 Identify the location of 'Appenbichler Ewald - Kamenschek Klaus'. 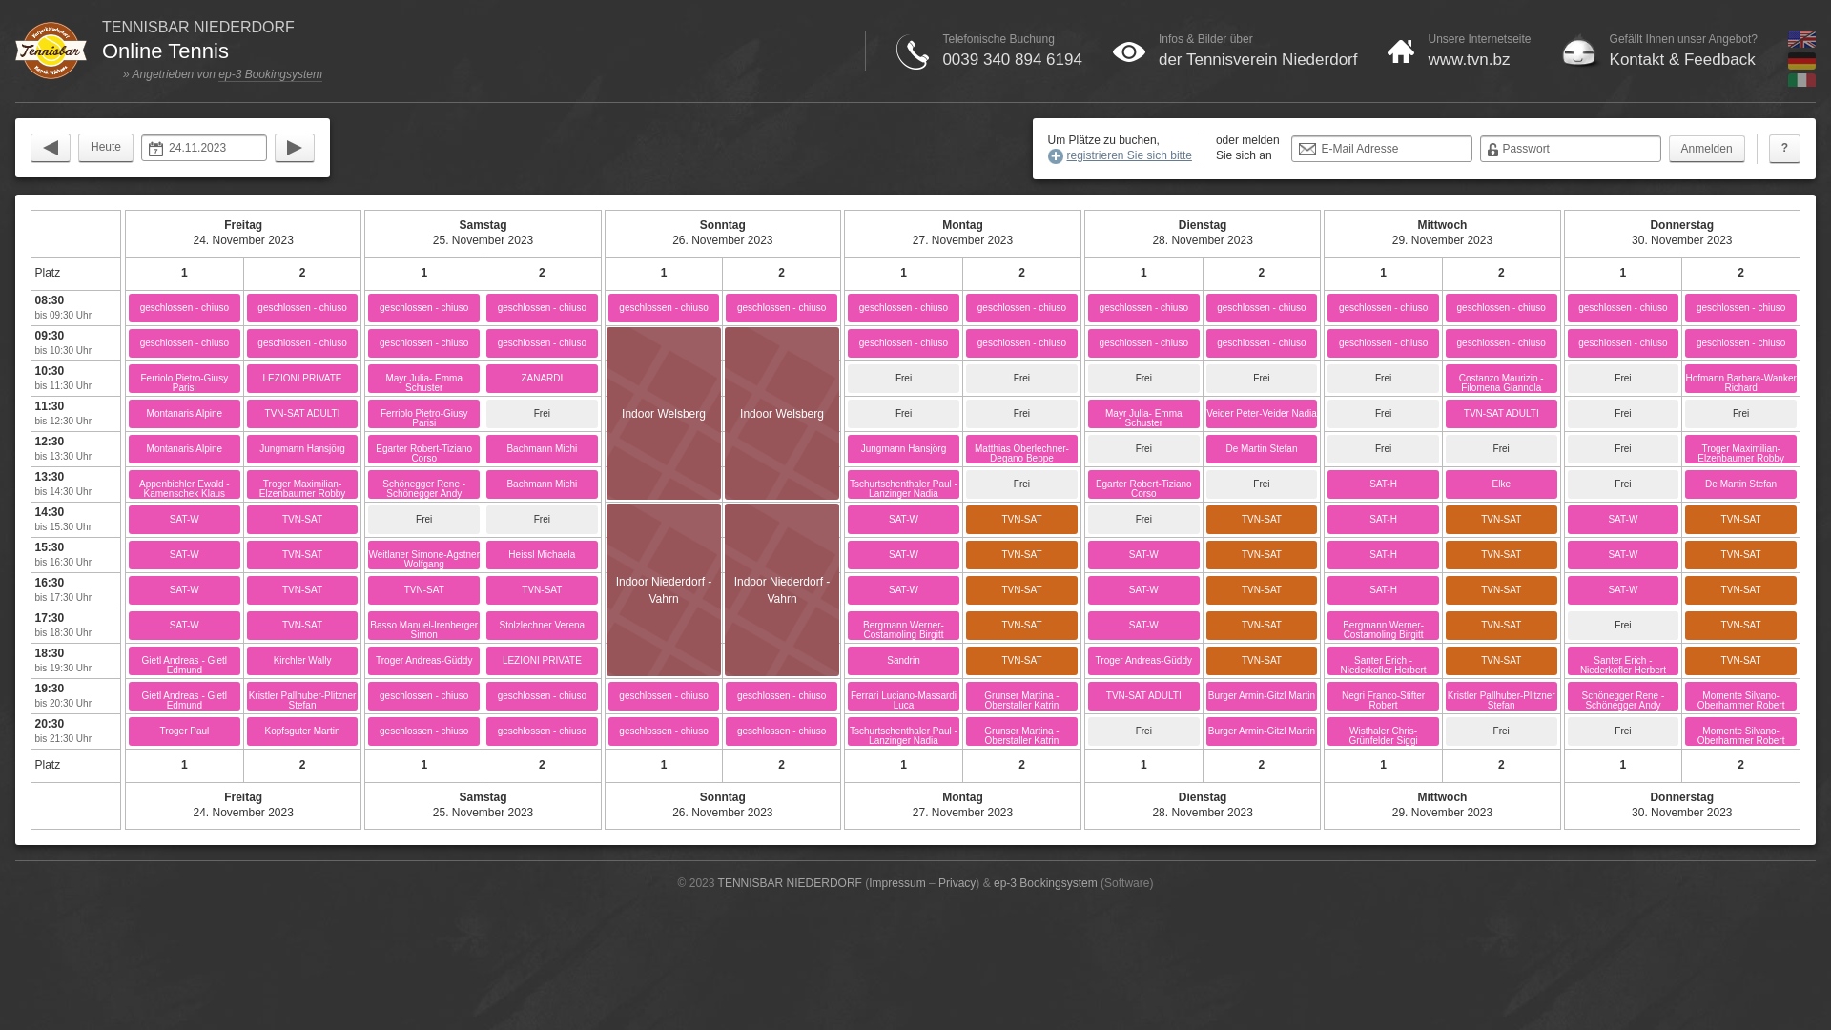
(184, 484).